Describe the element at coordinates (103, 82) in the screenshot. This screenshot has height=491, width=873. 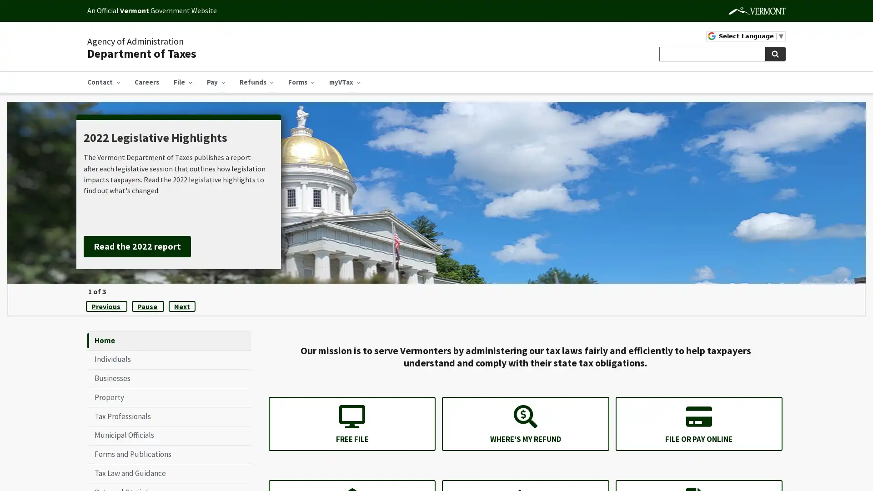
I see `Contact` at that location.